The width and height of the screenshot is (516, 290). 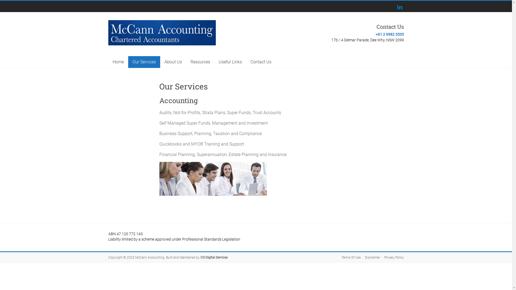 I want to click on 'McCann Accounting', so click(x=134, y=32).